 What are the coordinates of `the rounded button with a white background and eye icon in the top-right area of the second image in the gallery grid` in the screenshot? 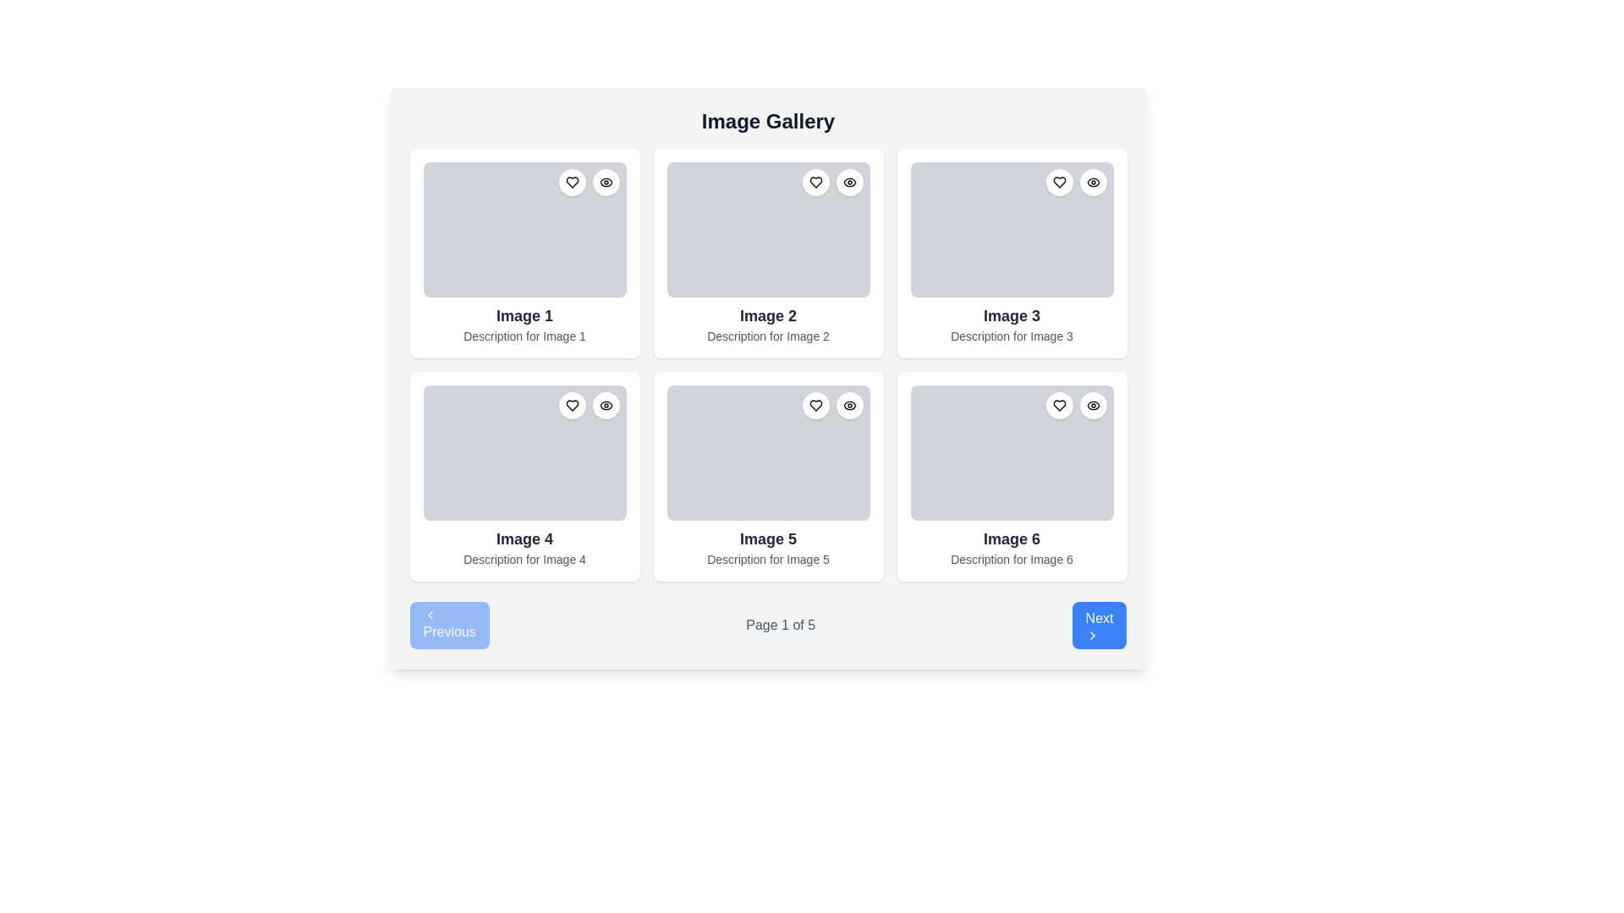 It's located at (849, 183).